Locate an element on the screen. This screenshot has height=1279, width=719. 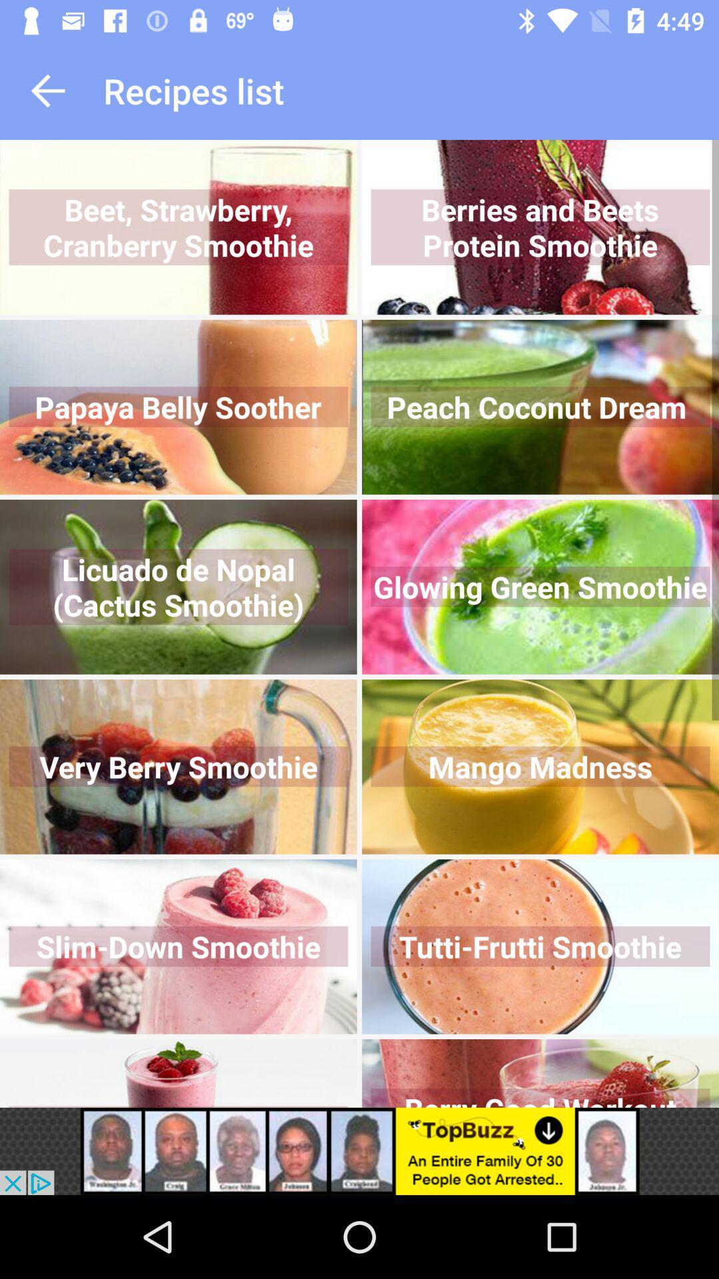
advertisement is located at coordinates (359, 1150).